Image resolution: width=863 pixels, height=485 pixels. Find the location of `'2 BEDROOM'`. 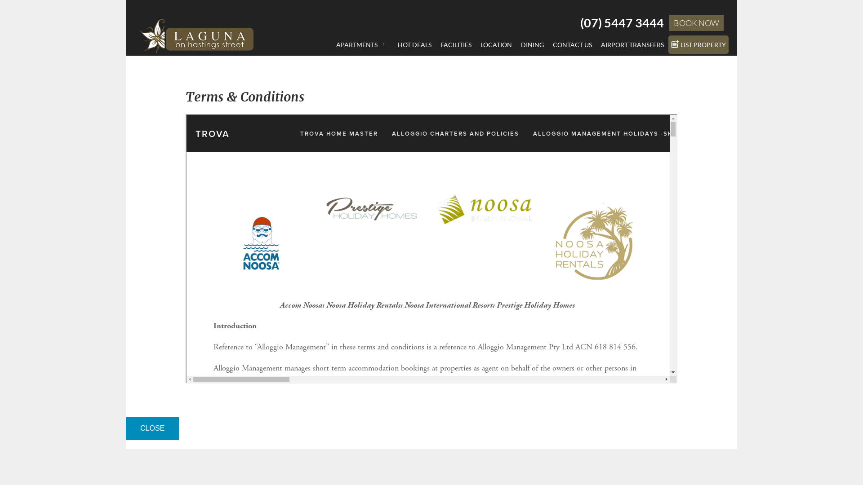

'2 BEDROOM' is located at coordinates (384, 69).